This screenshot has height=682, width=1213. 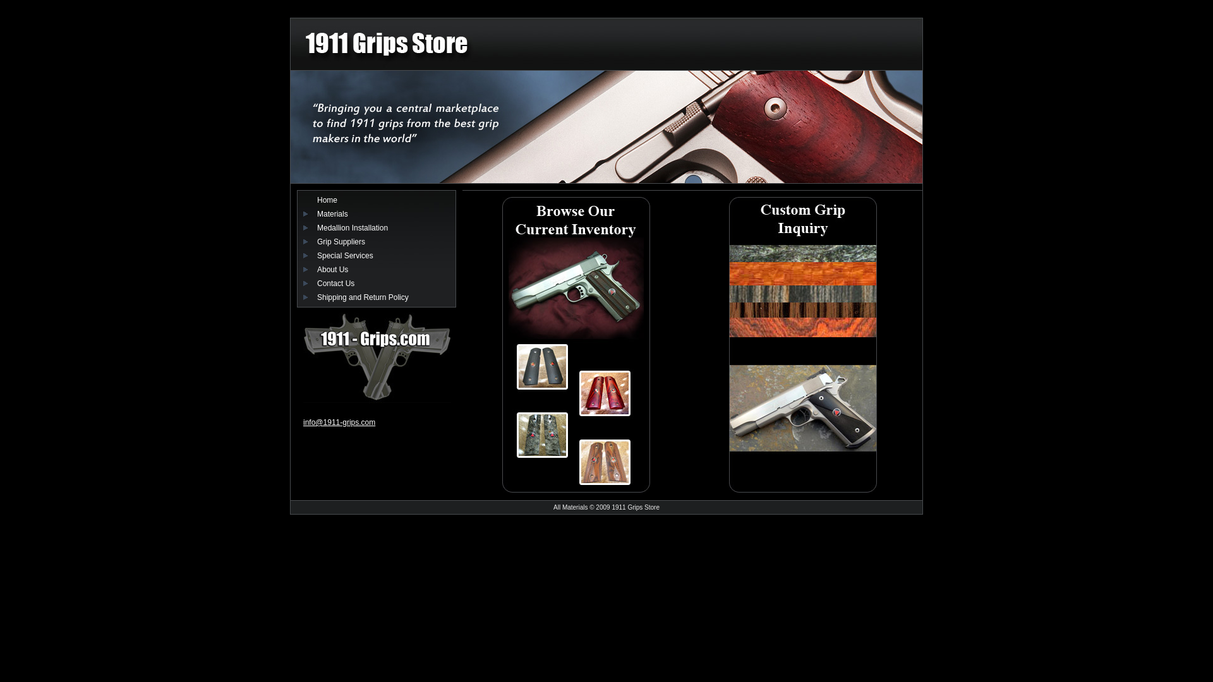 What do you see at coordinates (352, 228) in the screenshot?
I see `'Medallion Installation'` at bounding box center [352, 228].